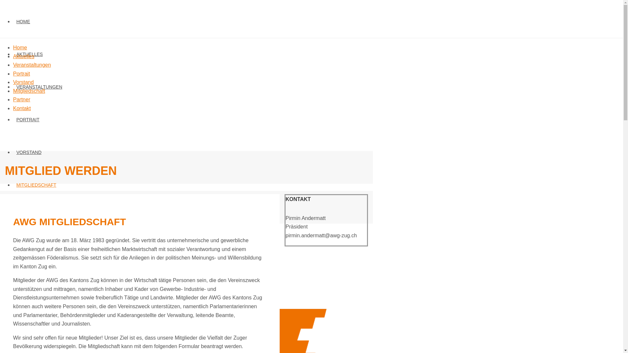  What do you see at coordinates (13, 87) in the screenshot?
I see `'VERANSTALTUNGEN'` at bounding box center [13, 87].